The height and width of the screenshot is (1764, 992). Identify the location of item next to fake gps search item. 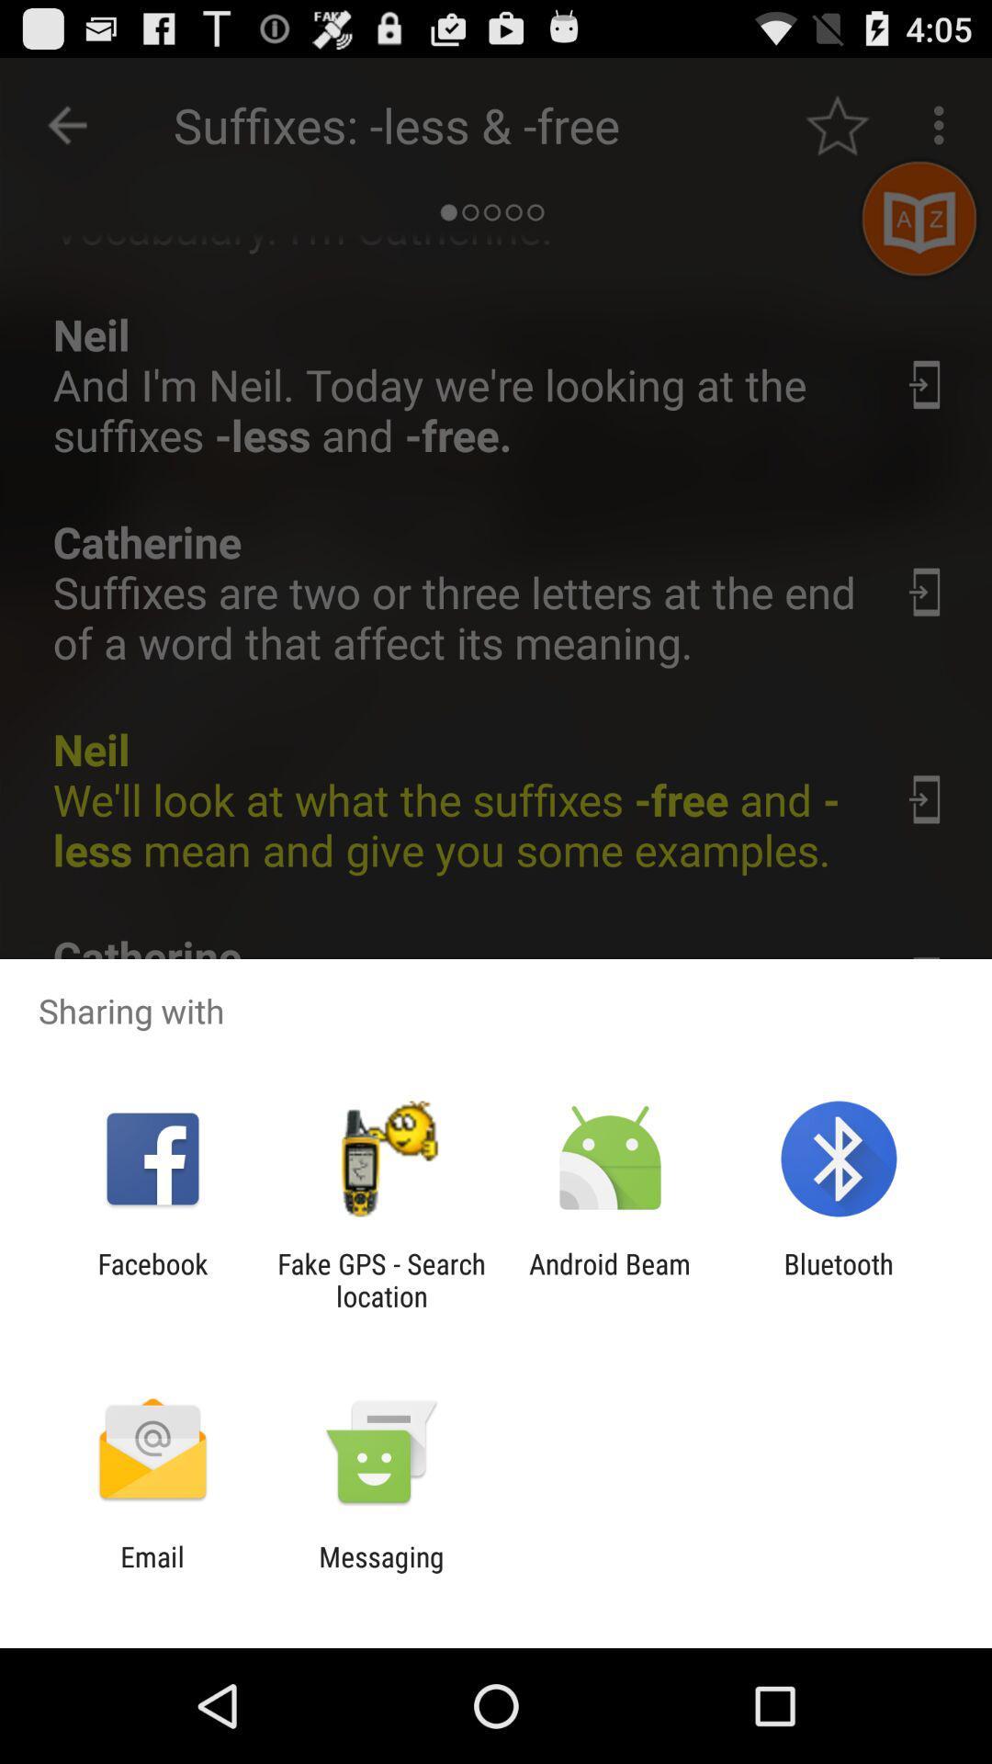
(152, 1279).